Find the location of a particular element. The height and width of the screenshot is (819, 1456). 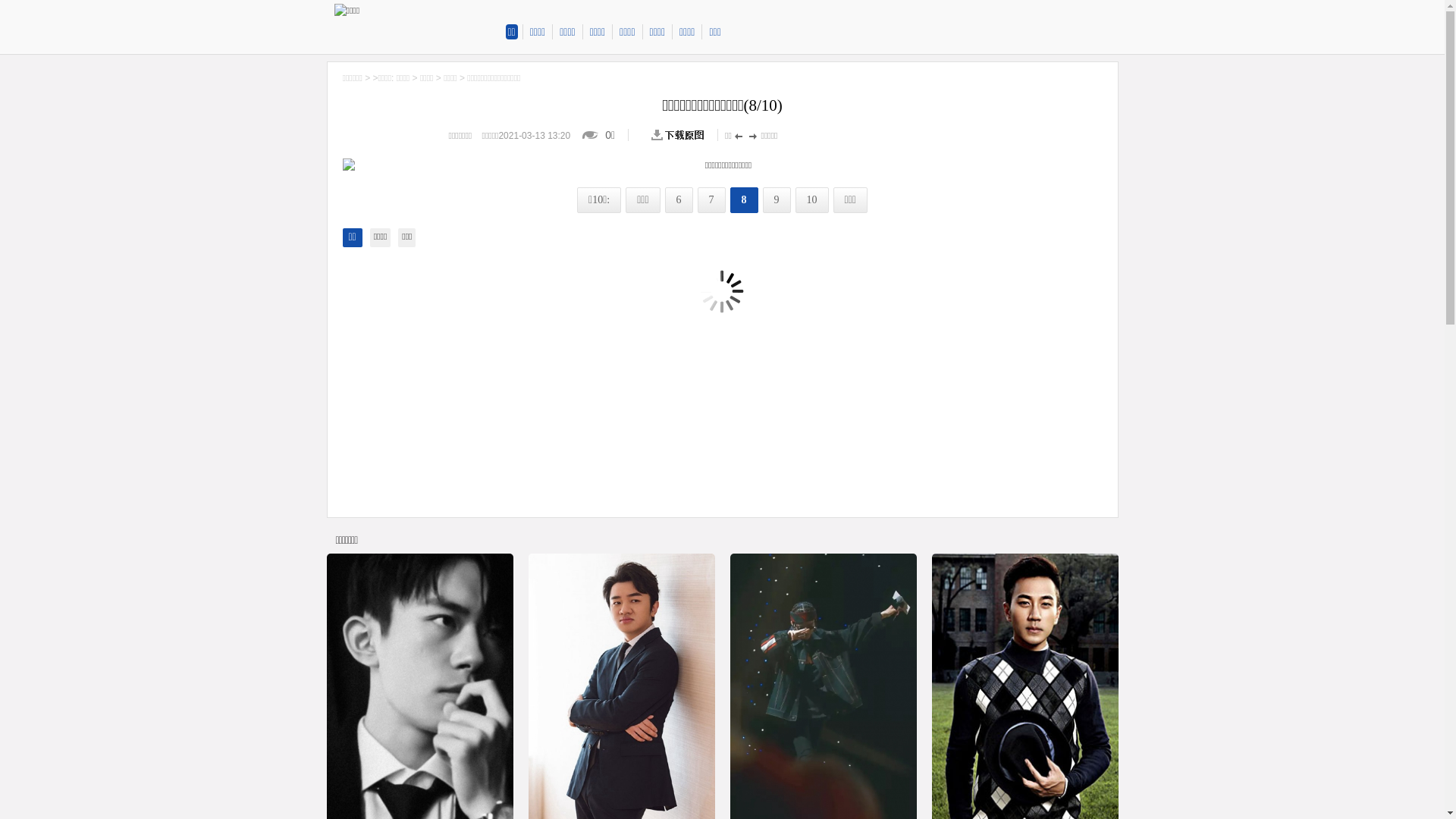

'8' is located at coordinates (744, 199).